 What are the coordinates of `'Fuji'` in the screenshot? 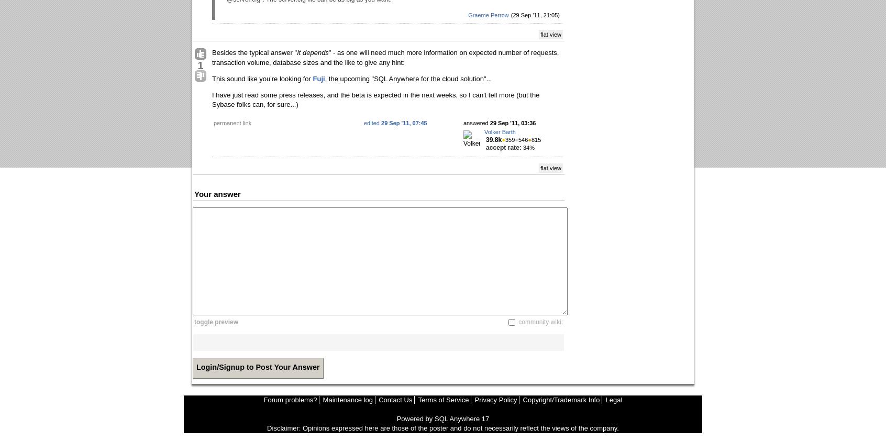 It's located at (318, 78).